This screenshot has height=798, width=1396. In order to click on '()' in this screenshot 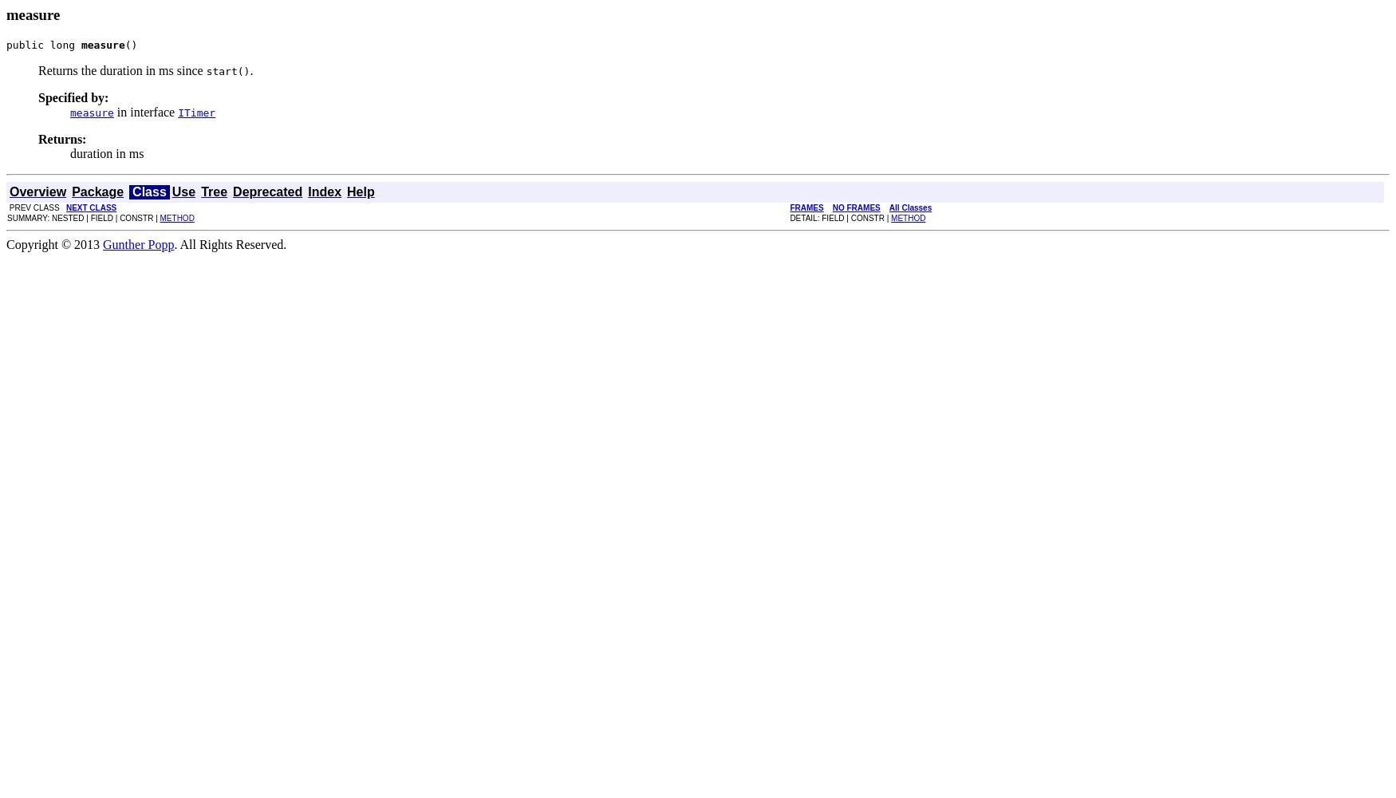, I will do `click(123, 44)`.